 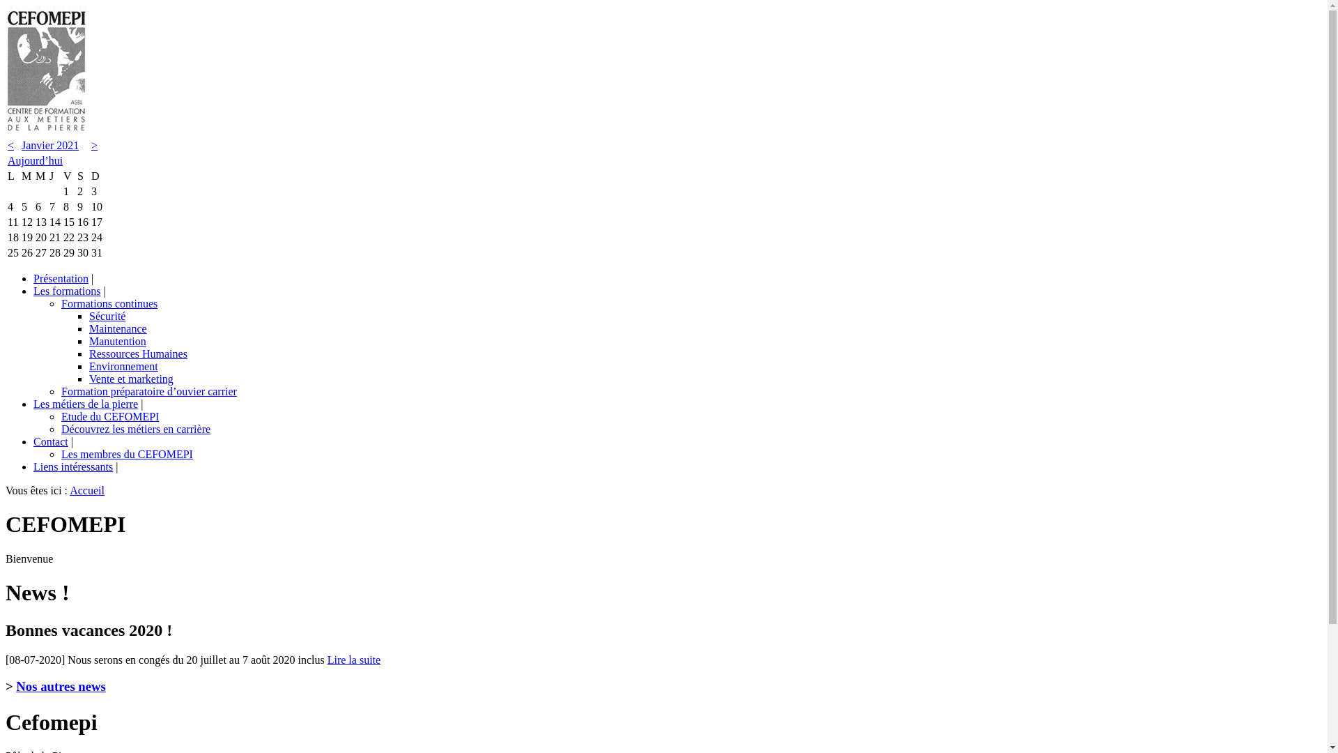 What do you see at coordinates (50, 145) in the screenshot?
I see `'Janvier 2021'` at bounding box center [50, 145].